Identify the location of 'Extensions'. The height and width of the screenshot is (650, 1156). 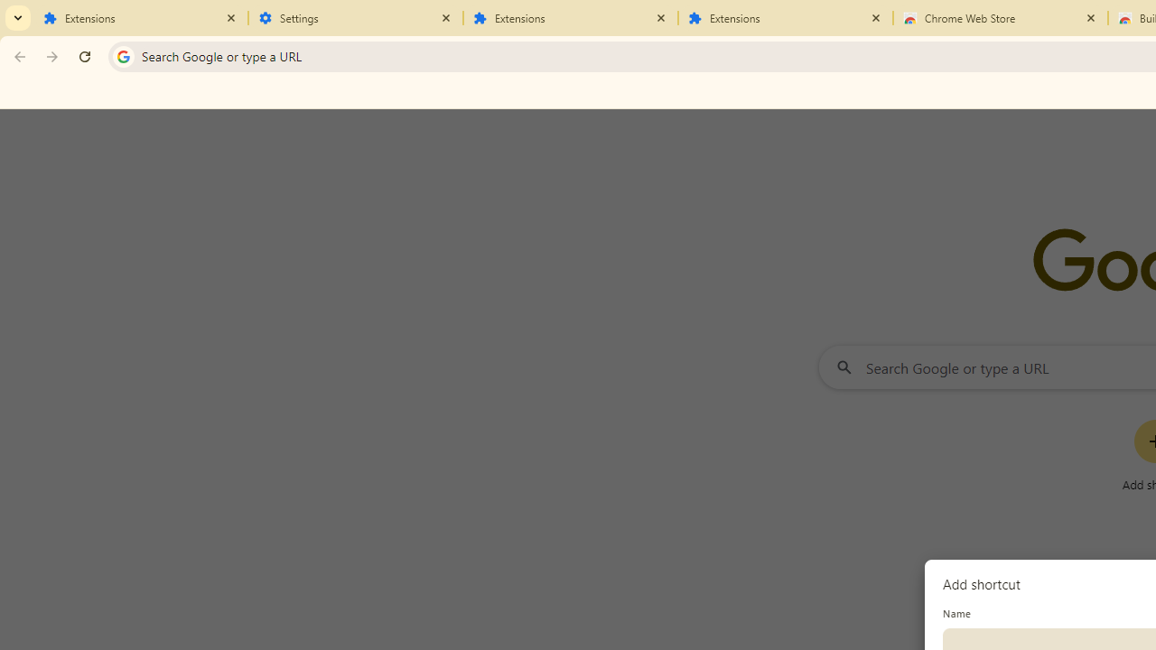
(140, 18).